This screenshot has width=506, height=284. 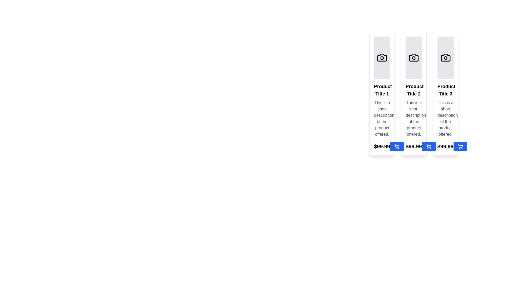 What do you see at coordinates (413, 58) in the screenshot?
I see `the camera icon, which is a minimalist black line design on a gray background, located in the center of the second card from the left in a row of three cards` at bounding box center [413, 58].